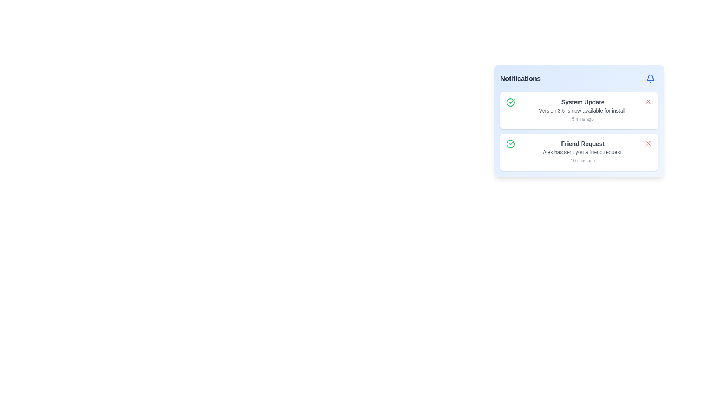  I want to click on the decorative graphical element that visually indicates validation or success status, located at the leftmost part of the lower notification card in the notification panel, so click(510, 144).